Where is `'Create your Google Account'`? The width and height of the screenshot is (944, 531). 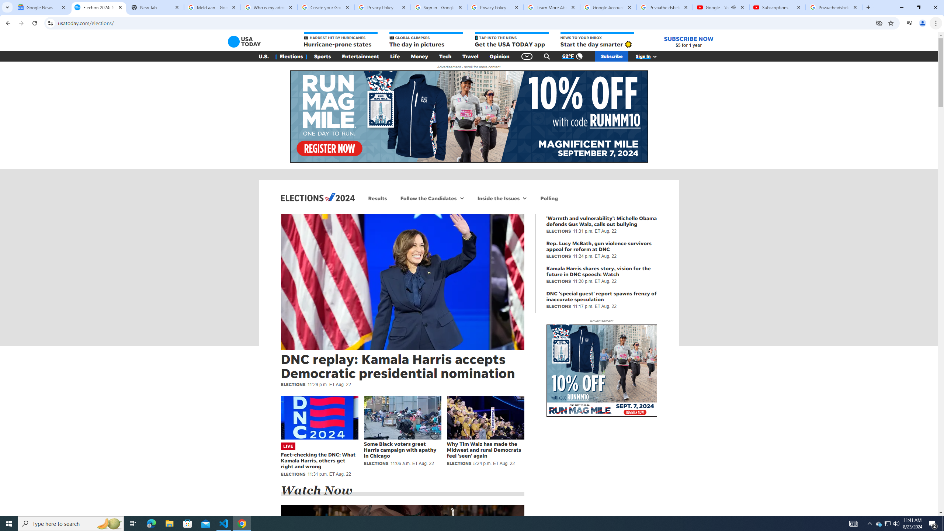
'Create your Google Account' is located at coordinates (326, 7).